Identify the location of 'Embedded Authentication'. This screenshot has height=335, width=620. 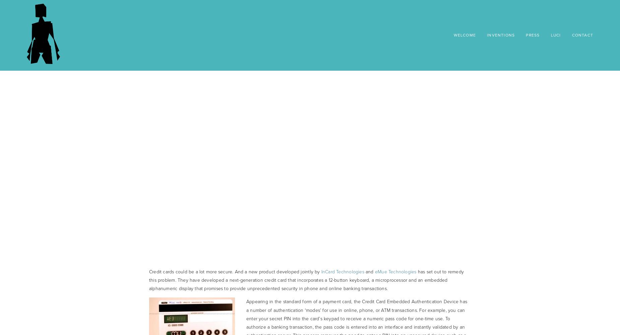
(198, 133).